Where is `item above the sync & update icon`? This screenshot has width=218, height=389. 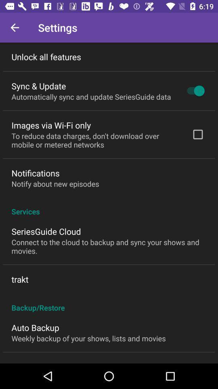
item above the sync & update icon is located at coordinates (46, 56).